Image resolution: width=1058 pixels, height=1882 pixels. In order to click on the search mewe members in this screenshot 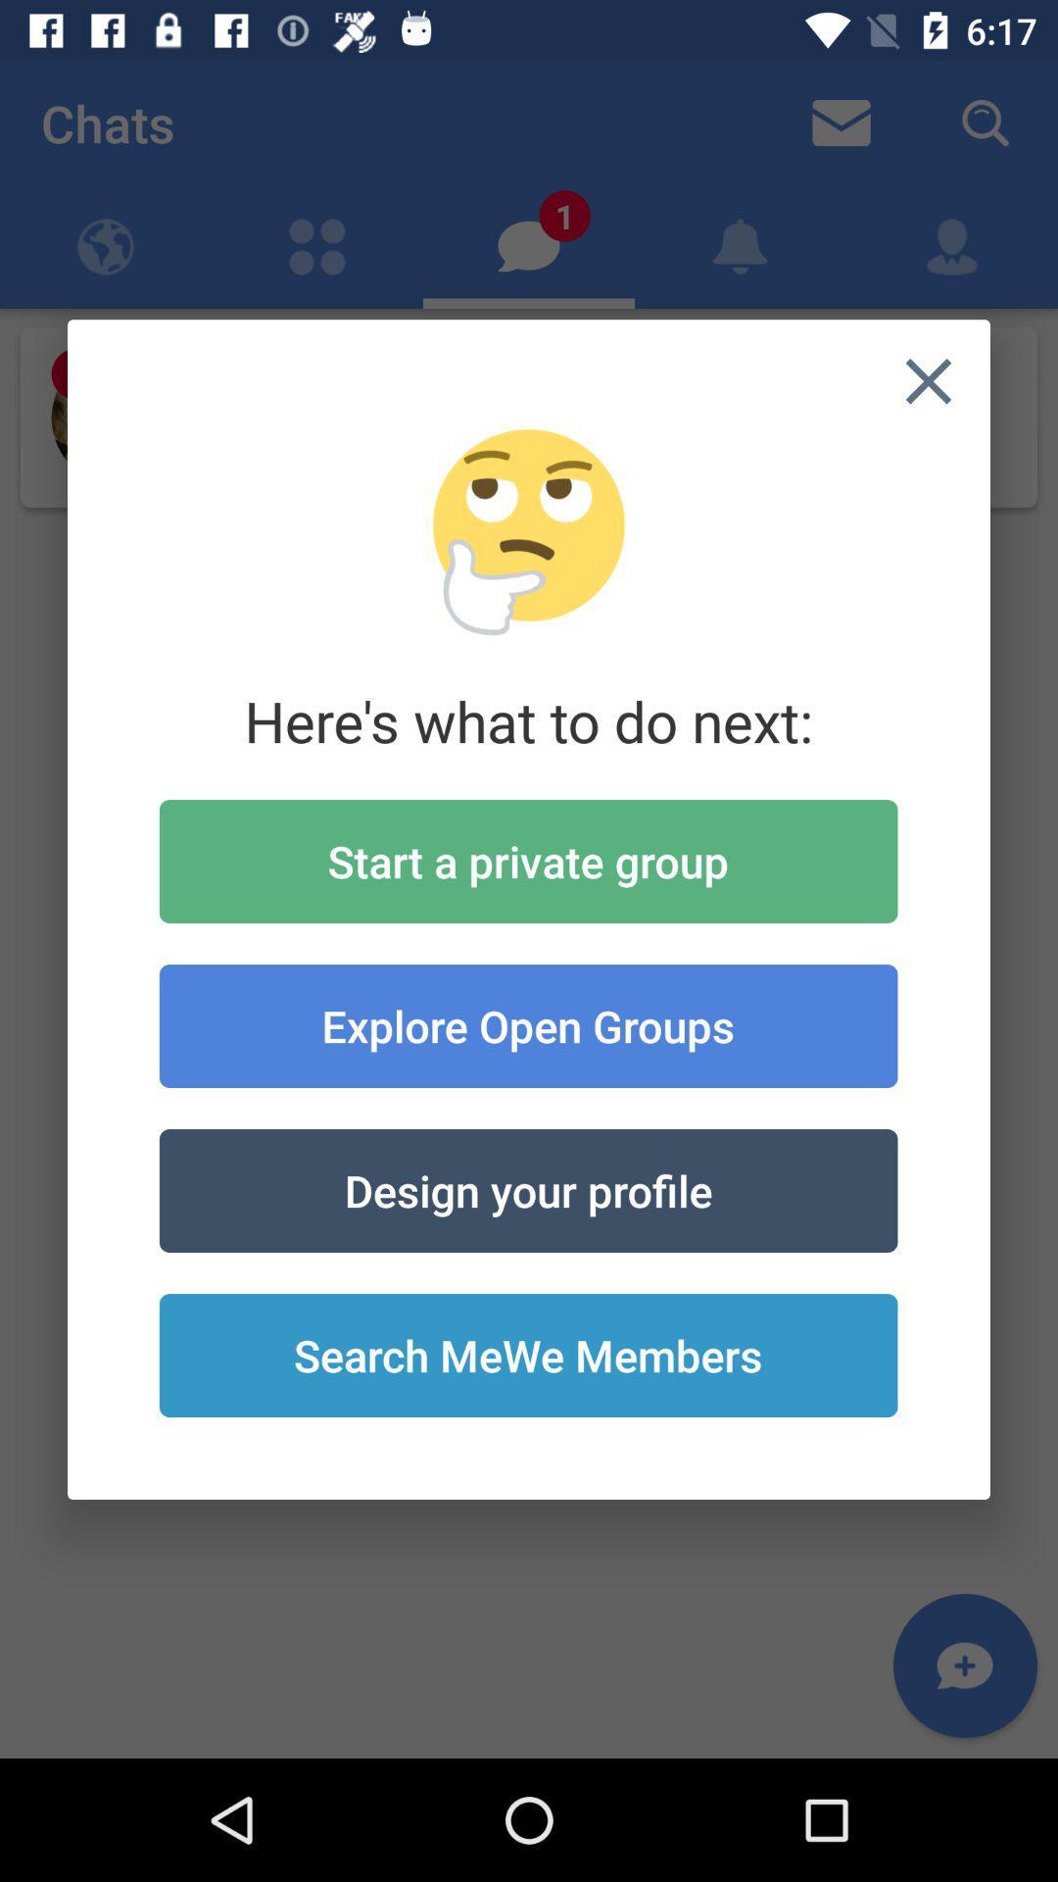, I will do `click(527, 1354)`.